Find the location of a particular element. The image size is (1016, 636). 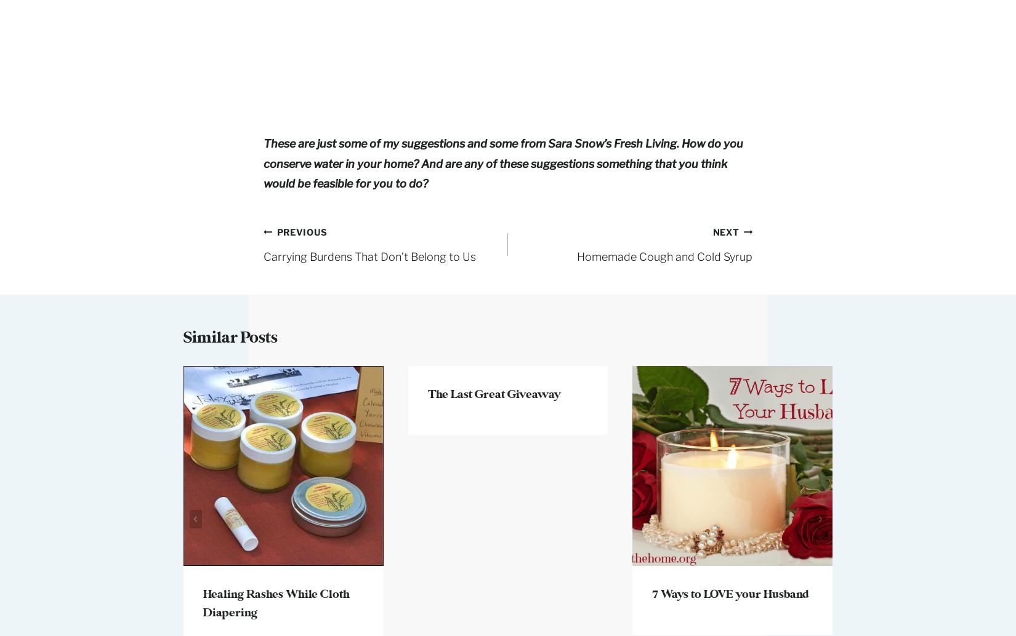

'Previous' is located at coordinates (275, 231).